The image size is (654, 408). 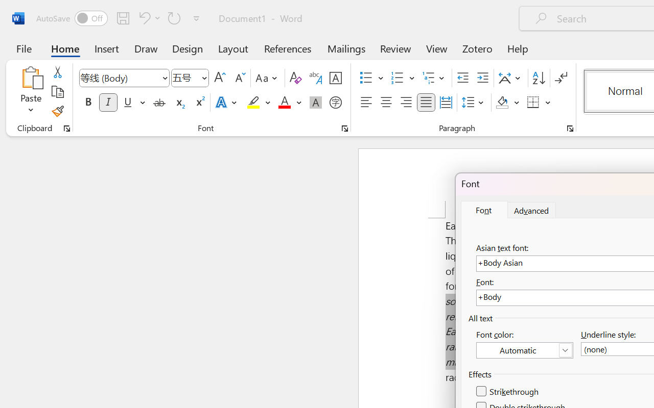 I want to click on 'Font Color (Automatic)', so click(x=525, y=350).